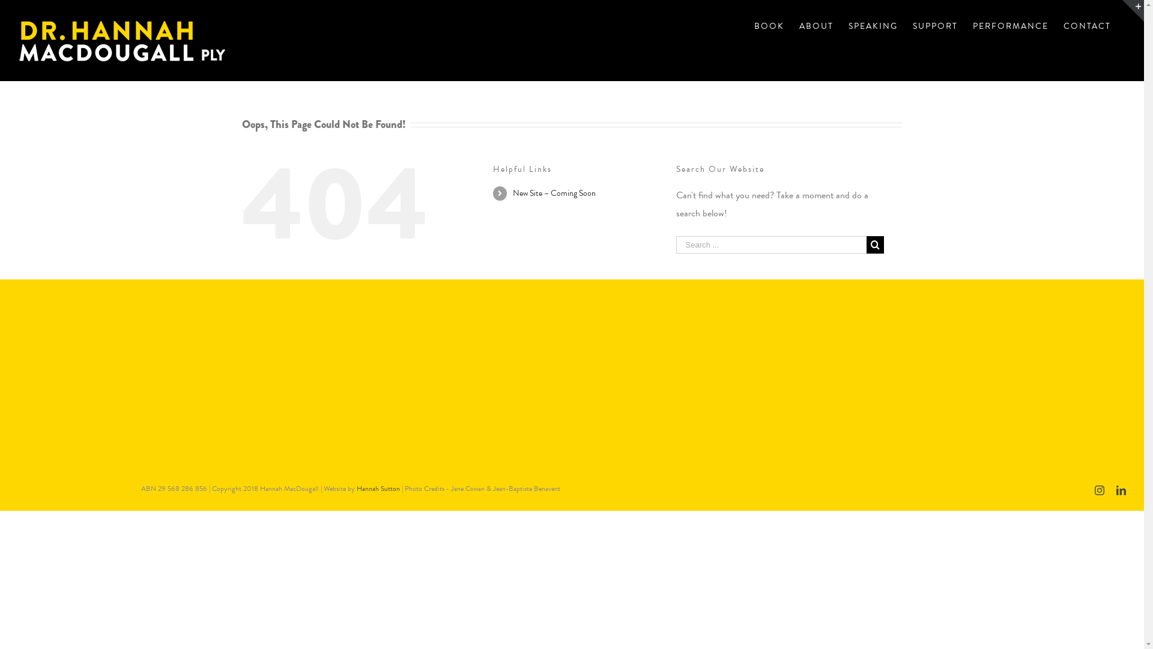  I want to click on 'SPEAKING', so click(847, 25).